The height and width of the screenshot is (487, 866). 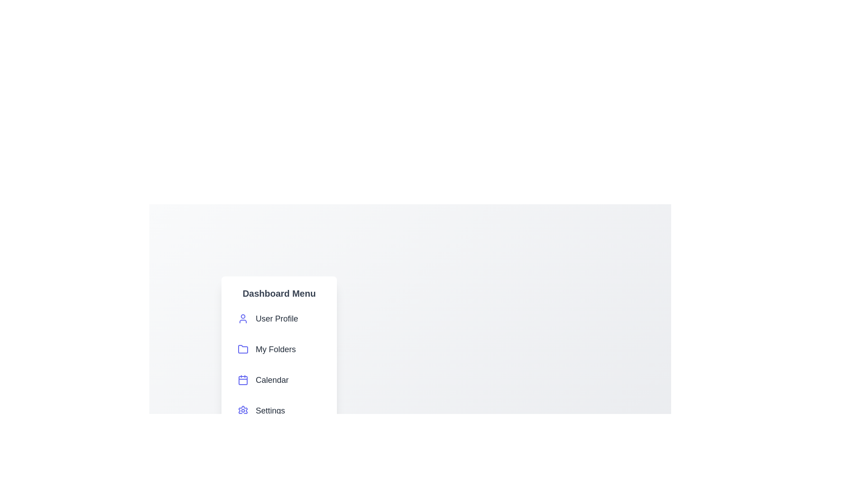 What do you see at coordinates (279, 410) in the screenshot?
I see `the 'Settings' menu item in the dashboard menu` at bounding box center [279, 410].